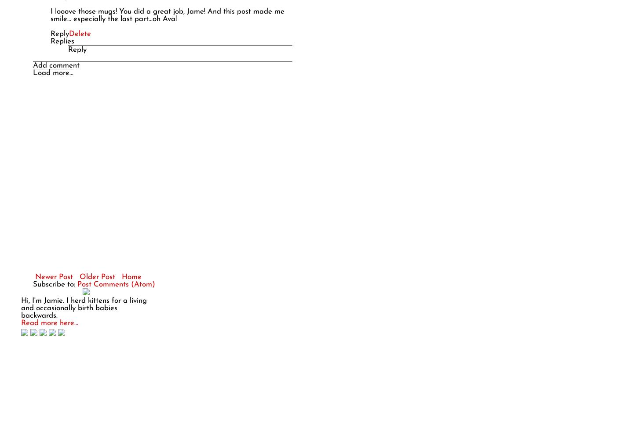 Image resolution: width=619 pixels, height=444 pixels. What do you see at coordinates (97, 276) in the screenshot?
I see `'Older Post'` at bounding box center [97, 276].